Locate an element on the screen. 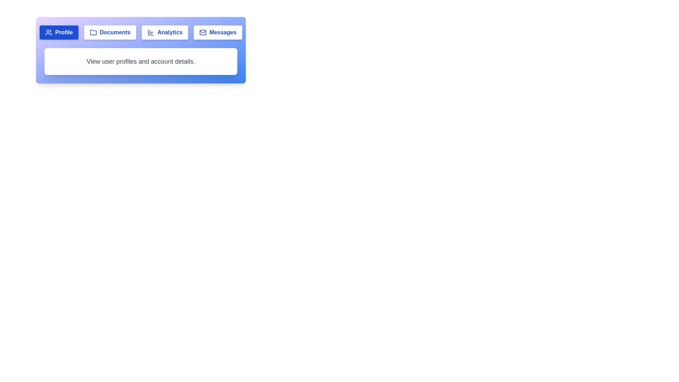  the Analytics tab to view its content is located at coordinates (164, 33).